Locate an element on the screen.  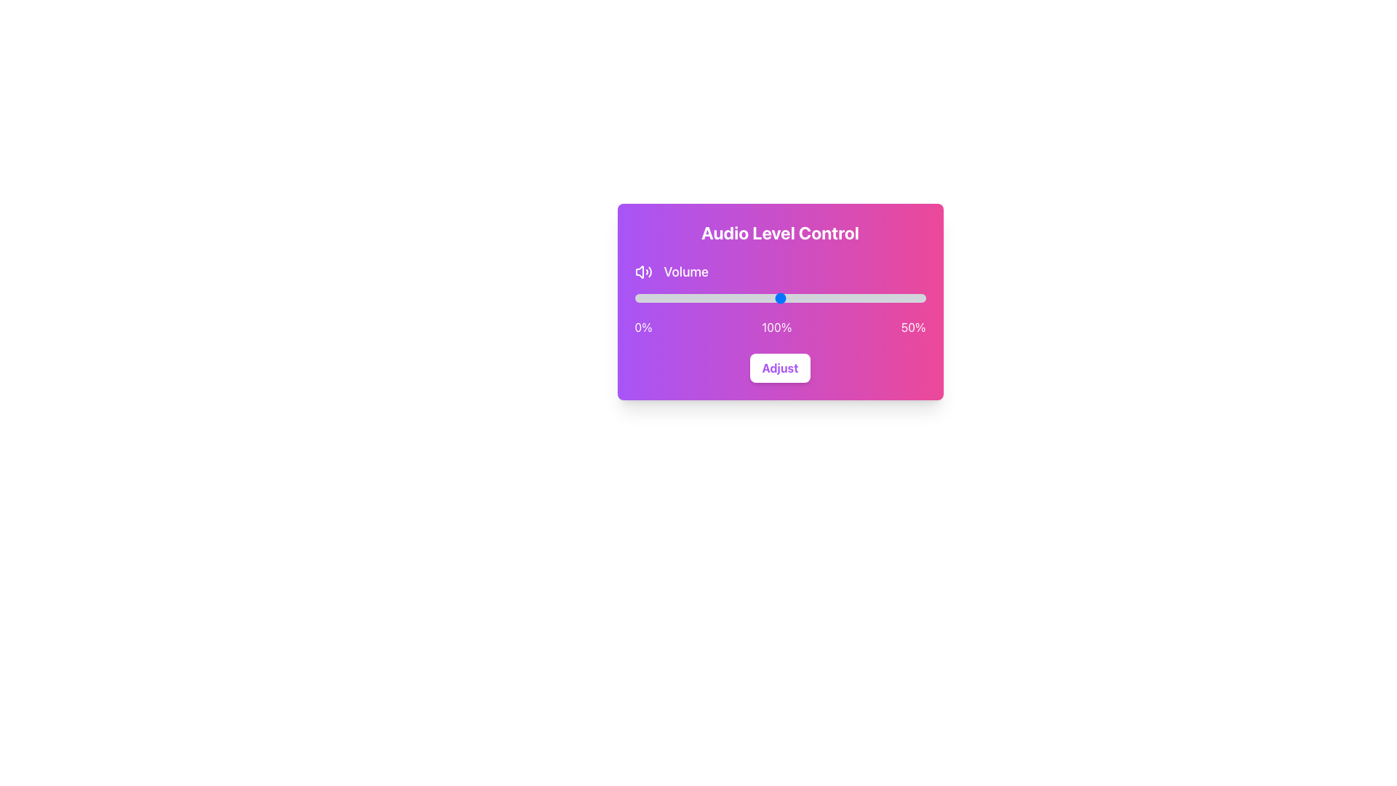
the volume is located at coordinates (815, 297).